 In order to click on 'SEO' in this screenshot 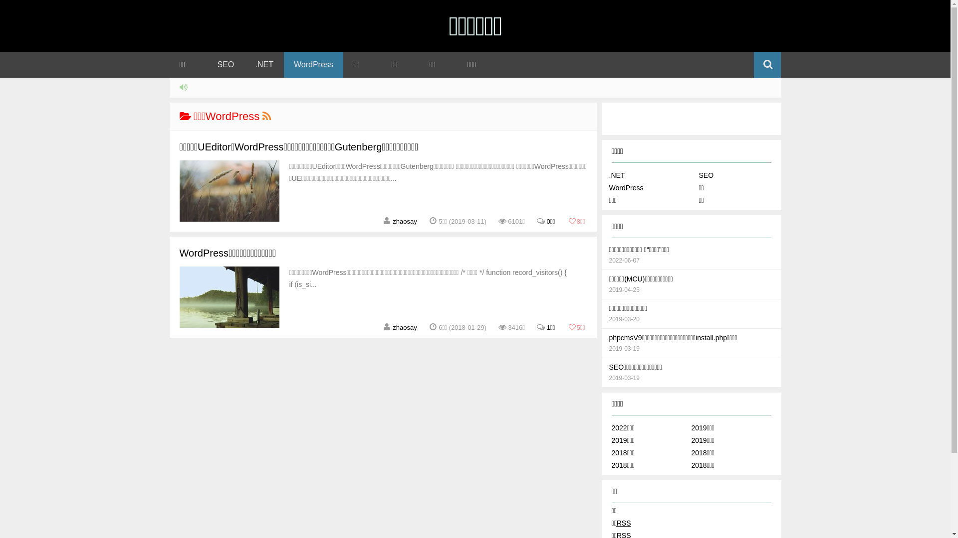, I will do `click(226, 65)`.